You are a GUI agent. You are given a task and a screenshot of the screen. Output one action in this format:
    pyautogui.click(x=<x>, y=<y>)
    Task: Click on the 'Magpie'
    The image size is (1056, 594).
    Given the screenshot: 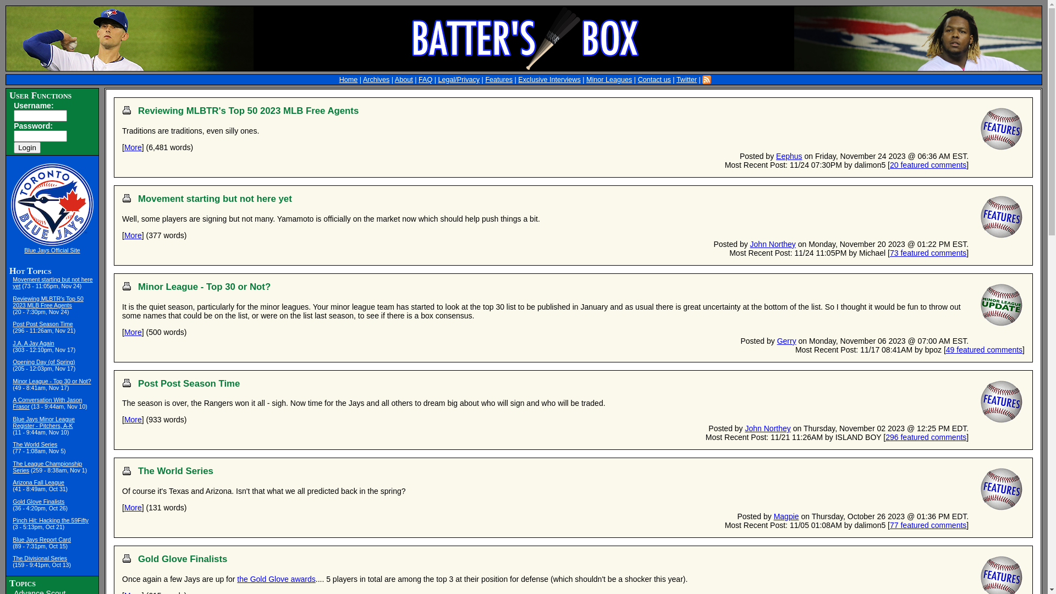 What is the action you would take?
    pyautogui.click(x=786, y=516)
    